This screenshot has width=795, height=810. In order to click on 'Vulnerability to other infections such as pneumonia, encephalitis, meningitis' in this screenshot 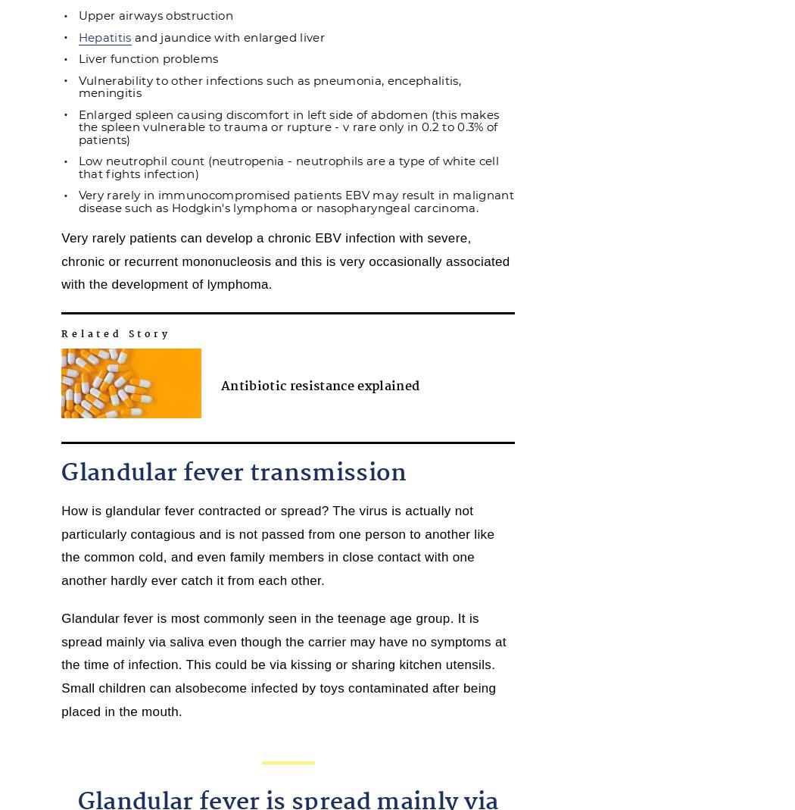, I will do `click(78, 86)`.